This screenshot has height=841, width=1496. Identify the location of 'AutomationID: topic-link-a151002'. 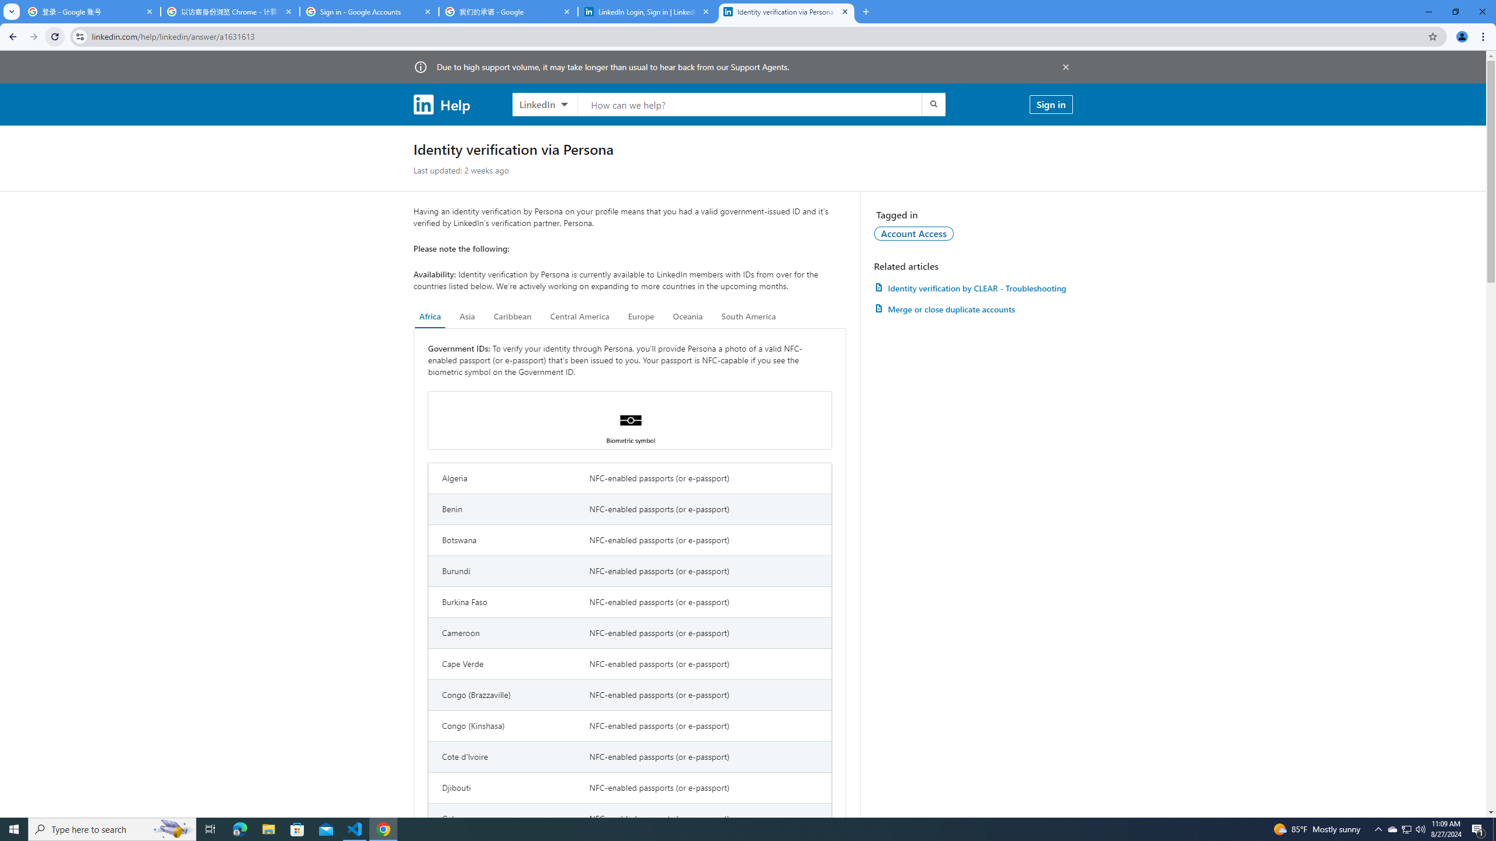
(914, 232).